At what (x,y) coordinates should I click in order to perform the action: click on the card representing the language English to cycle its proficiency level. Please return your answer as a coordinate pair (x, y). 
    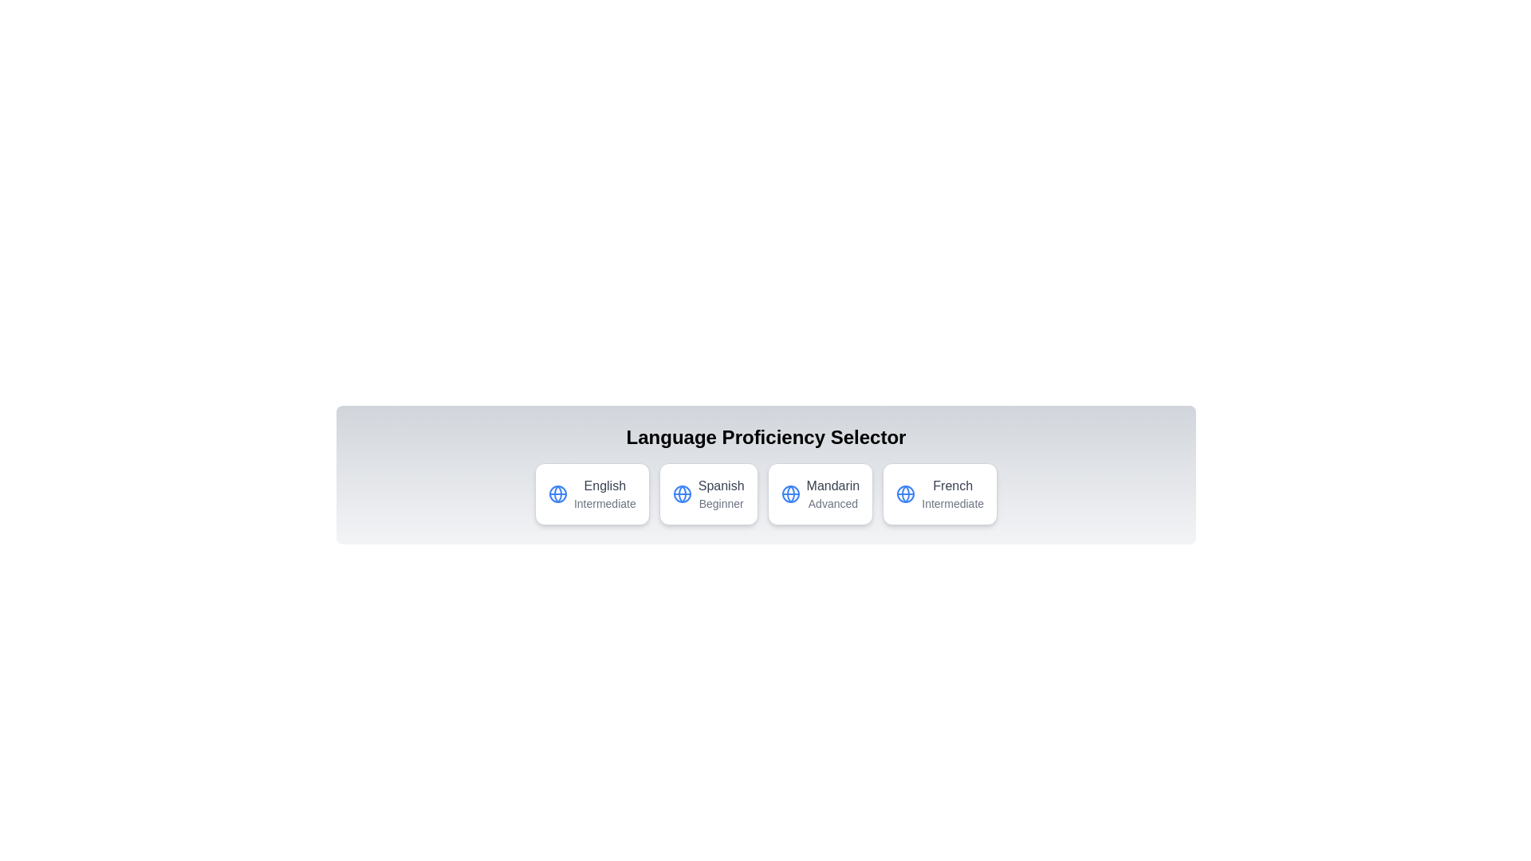
    Looking at the image, I should click on (591, 493).